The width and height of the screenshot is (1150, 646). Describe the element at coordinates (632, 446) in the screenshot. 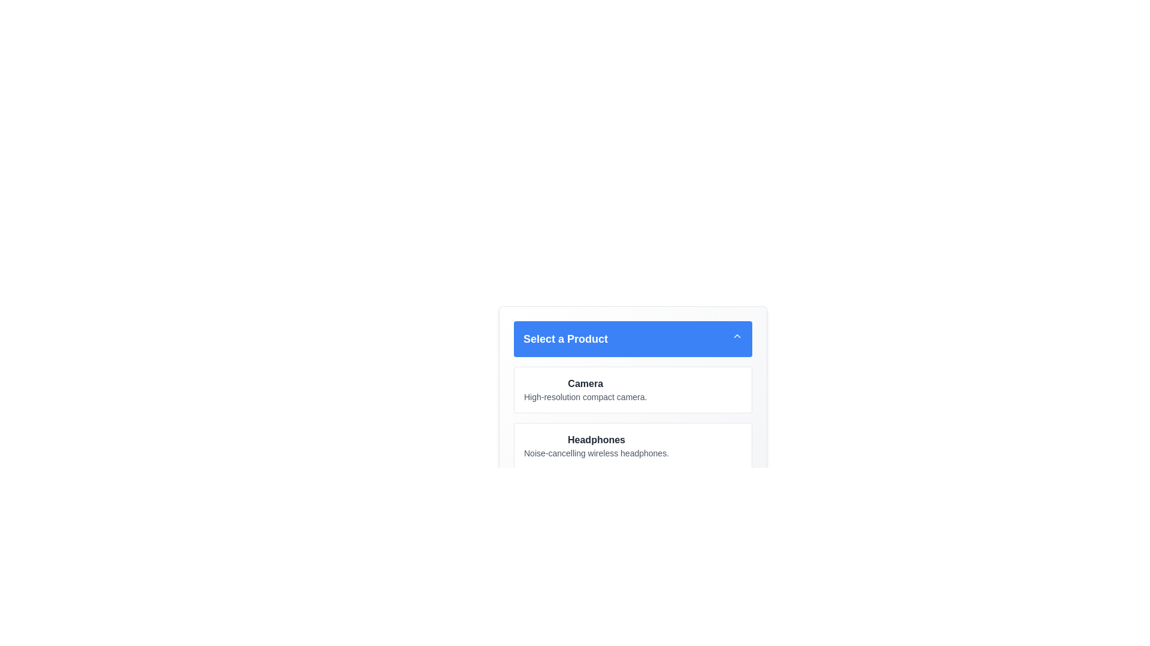

I see `the List Item displaying 'Headphones'` at that location.